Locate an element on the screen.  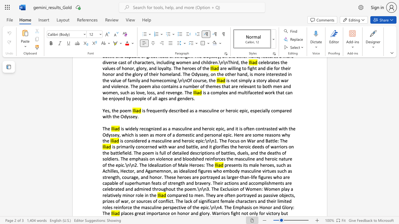
the subset text "ted roles reinforce the masculine" within the text "compared to men. They are often portrayed as passive objects, prizes of war, or sources of conflict. The lack of significant female characters and their limited roles reinforce the masculine perspective of the epic.\n\n4. The Emphasis on Honor and Glory: The" is located at coordinates (284, 201).